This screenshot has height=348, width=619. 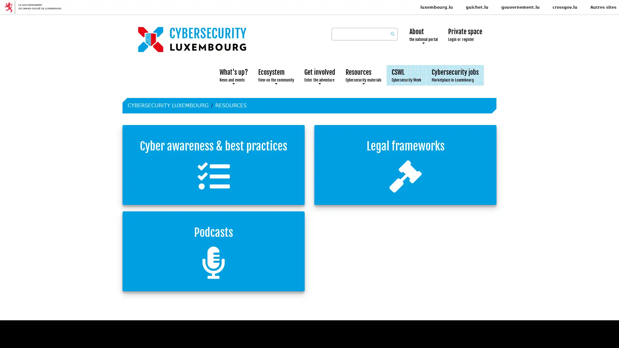 What do you see at coordinates (231, 105) in the screenshot?
I see `RESOURCES` at bounding box center [231, 105].